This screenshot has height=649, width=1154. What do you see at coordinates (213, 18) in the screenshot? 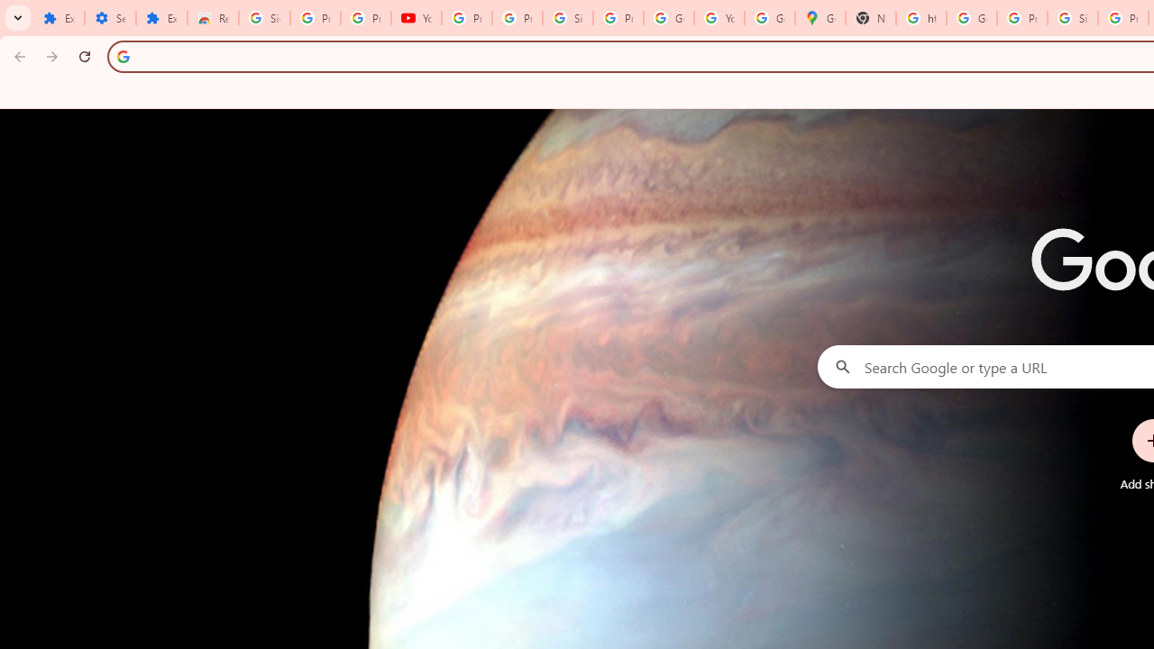
I see `'Reviews: Helix Fruit Jump Arcade Game'` at bounding box center [213, 18].